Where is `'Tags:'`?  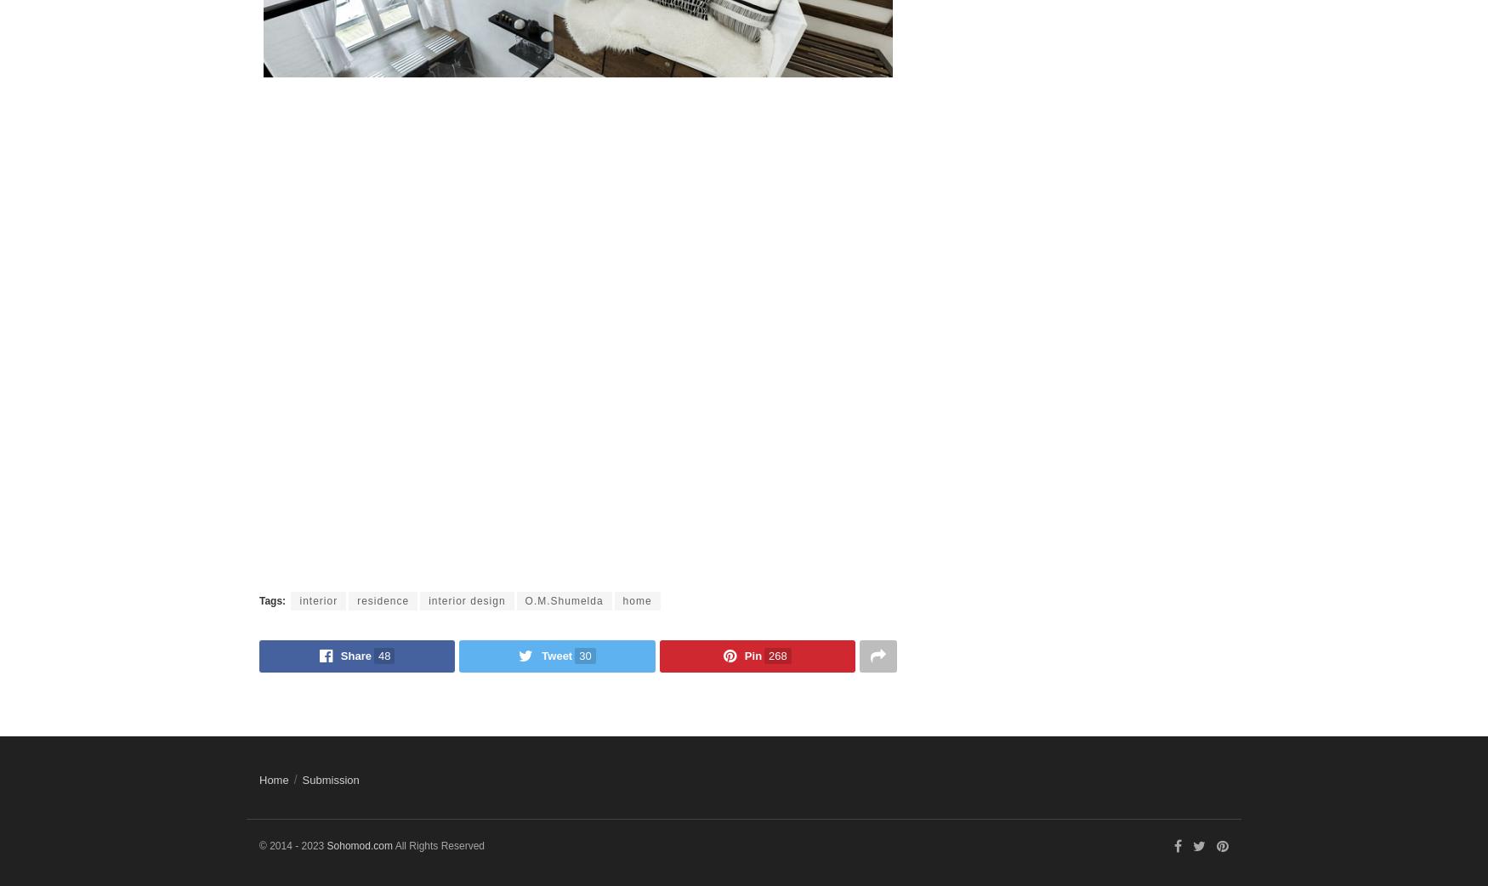
'Tags:' is located at coordinates (258, 599).